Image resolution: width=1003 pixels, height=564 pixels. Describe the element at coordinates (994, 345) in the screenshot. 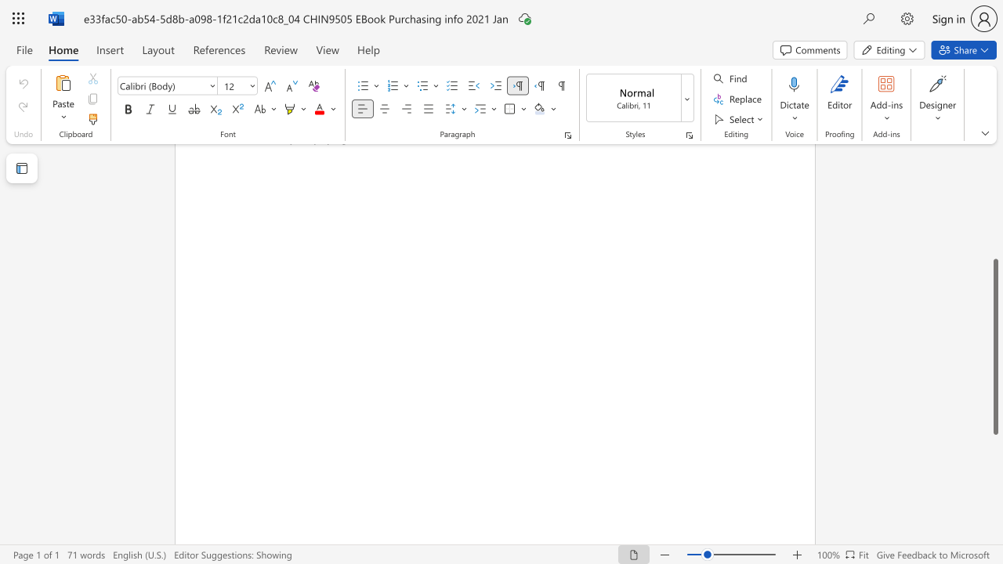

I see `the scrollbar and move up 110 pixels` at that location.